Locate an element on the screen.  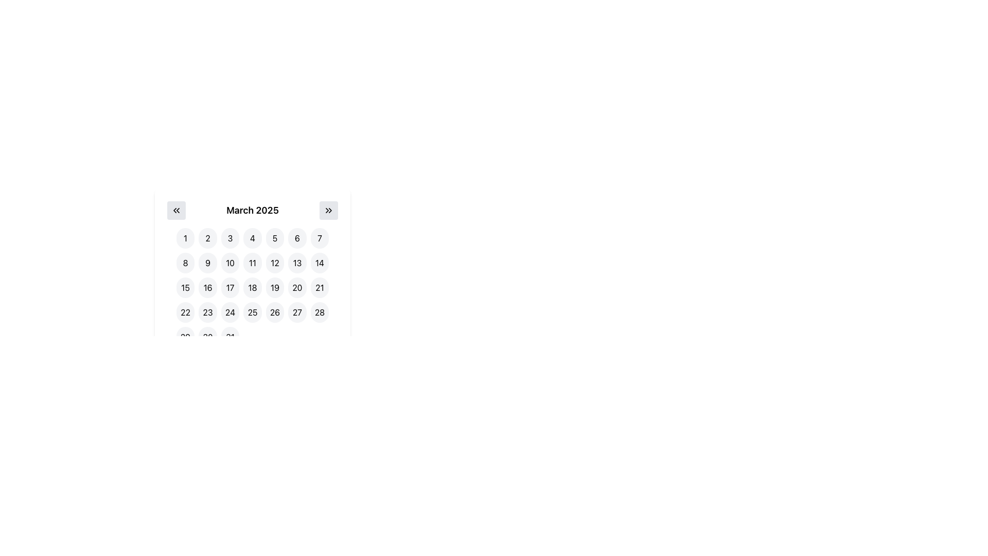
the selectable day button for the date '4' in the calendar interface to activate hover effects is located at coordinates (252, 238).